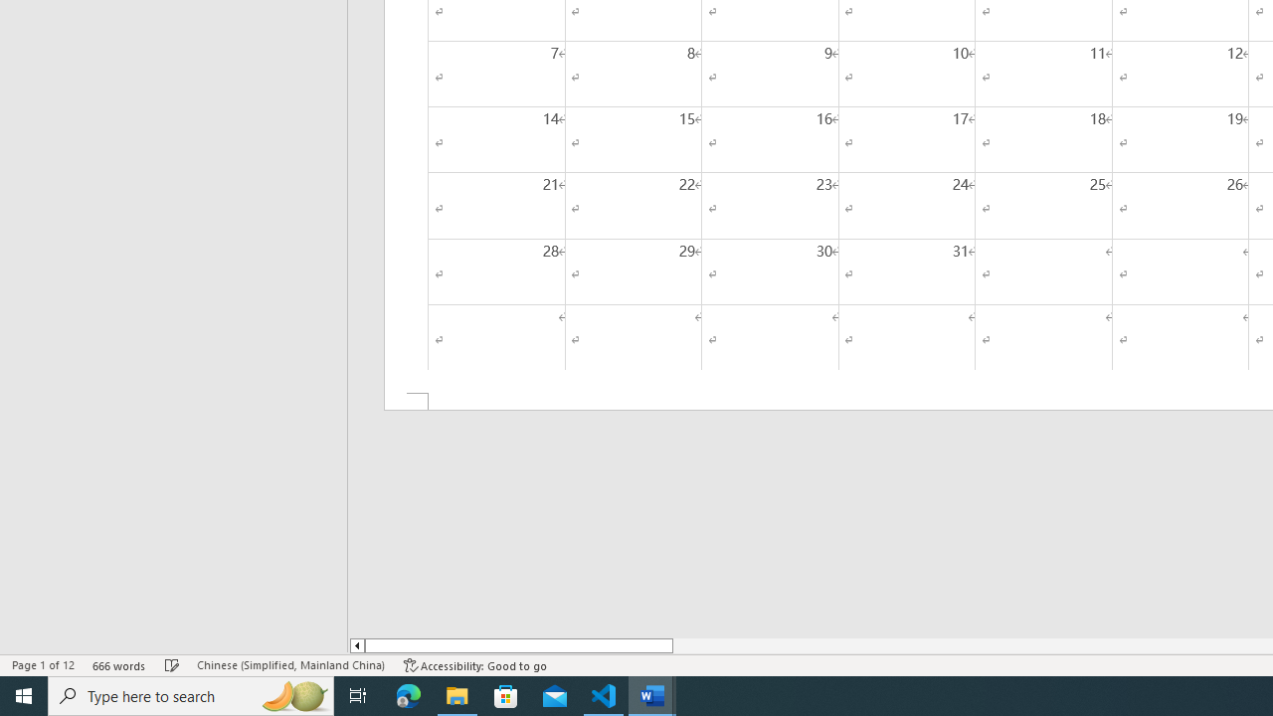 Image resolution: width=1273 pixels, height=716 pixels. I want to click on 'Page Number Page 1 of 12', so click(43, 665).